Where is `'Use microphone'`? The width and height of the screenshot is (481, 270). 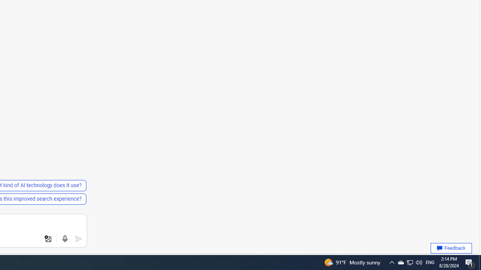 'Use microphone' is located at coordinates (65, 239).